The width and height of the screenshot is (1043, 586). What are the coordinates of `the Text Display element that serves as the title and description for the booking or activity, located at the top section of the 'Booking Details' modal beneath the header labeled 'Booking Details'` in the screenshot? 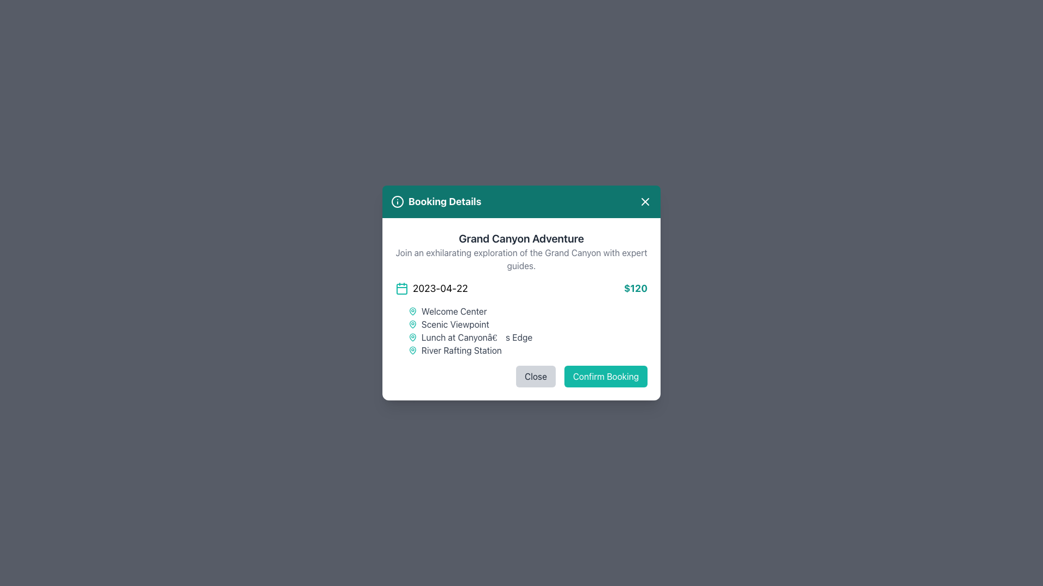 It's located at (521, 251).